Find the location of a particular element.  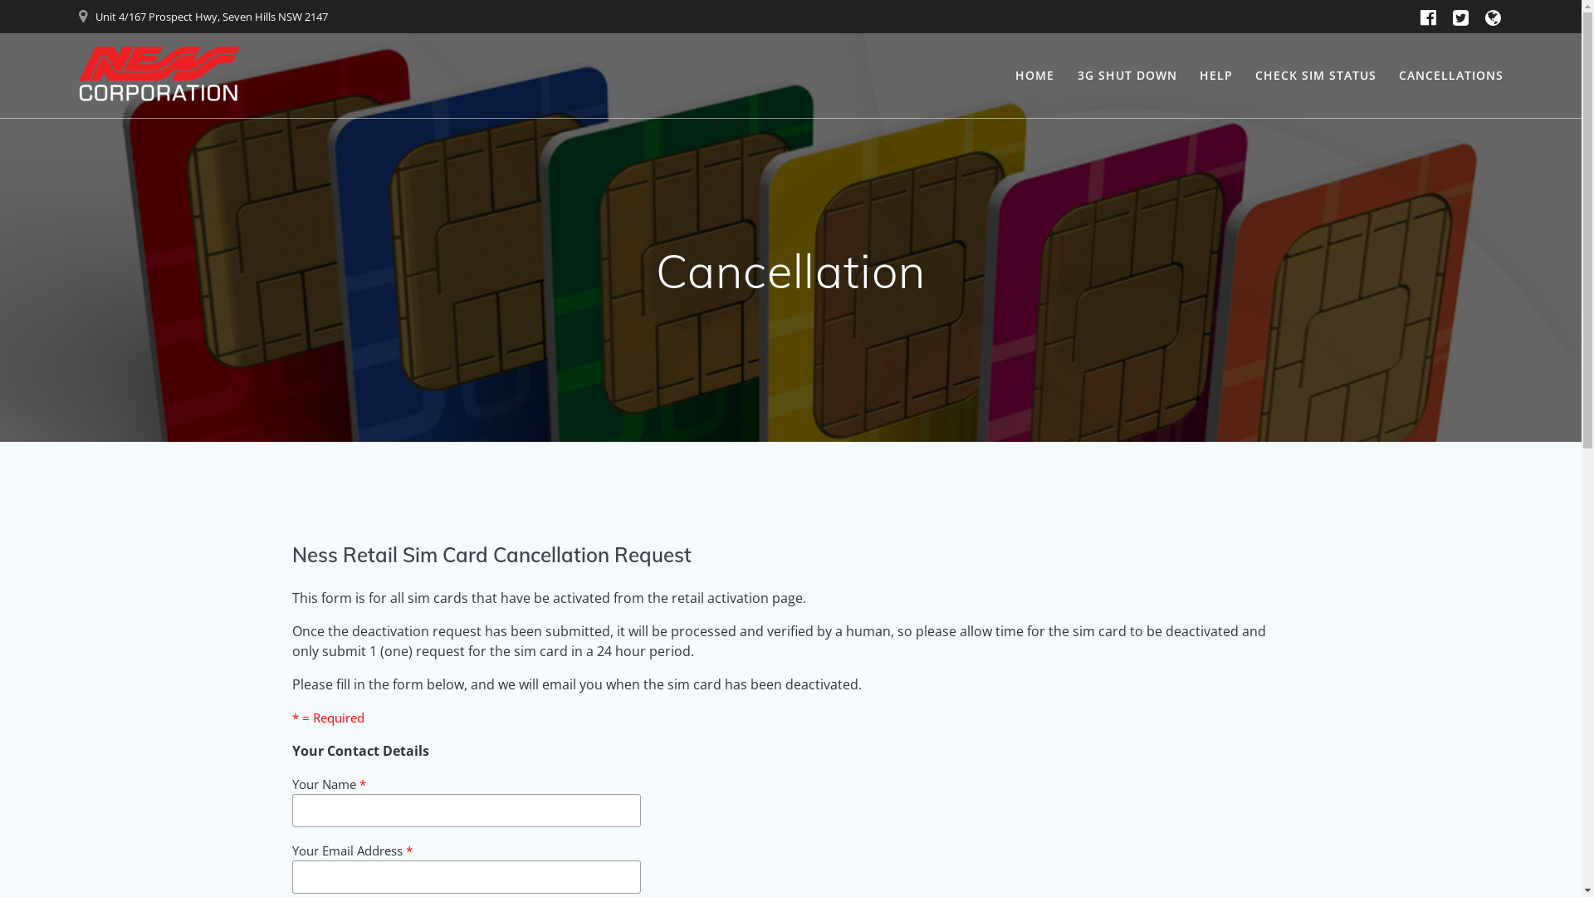

'CANCELLATIONS' is located at coordinates (1450, 76).